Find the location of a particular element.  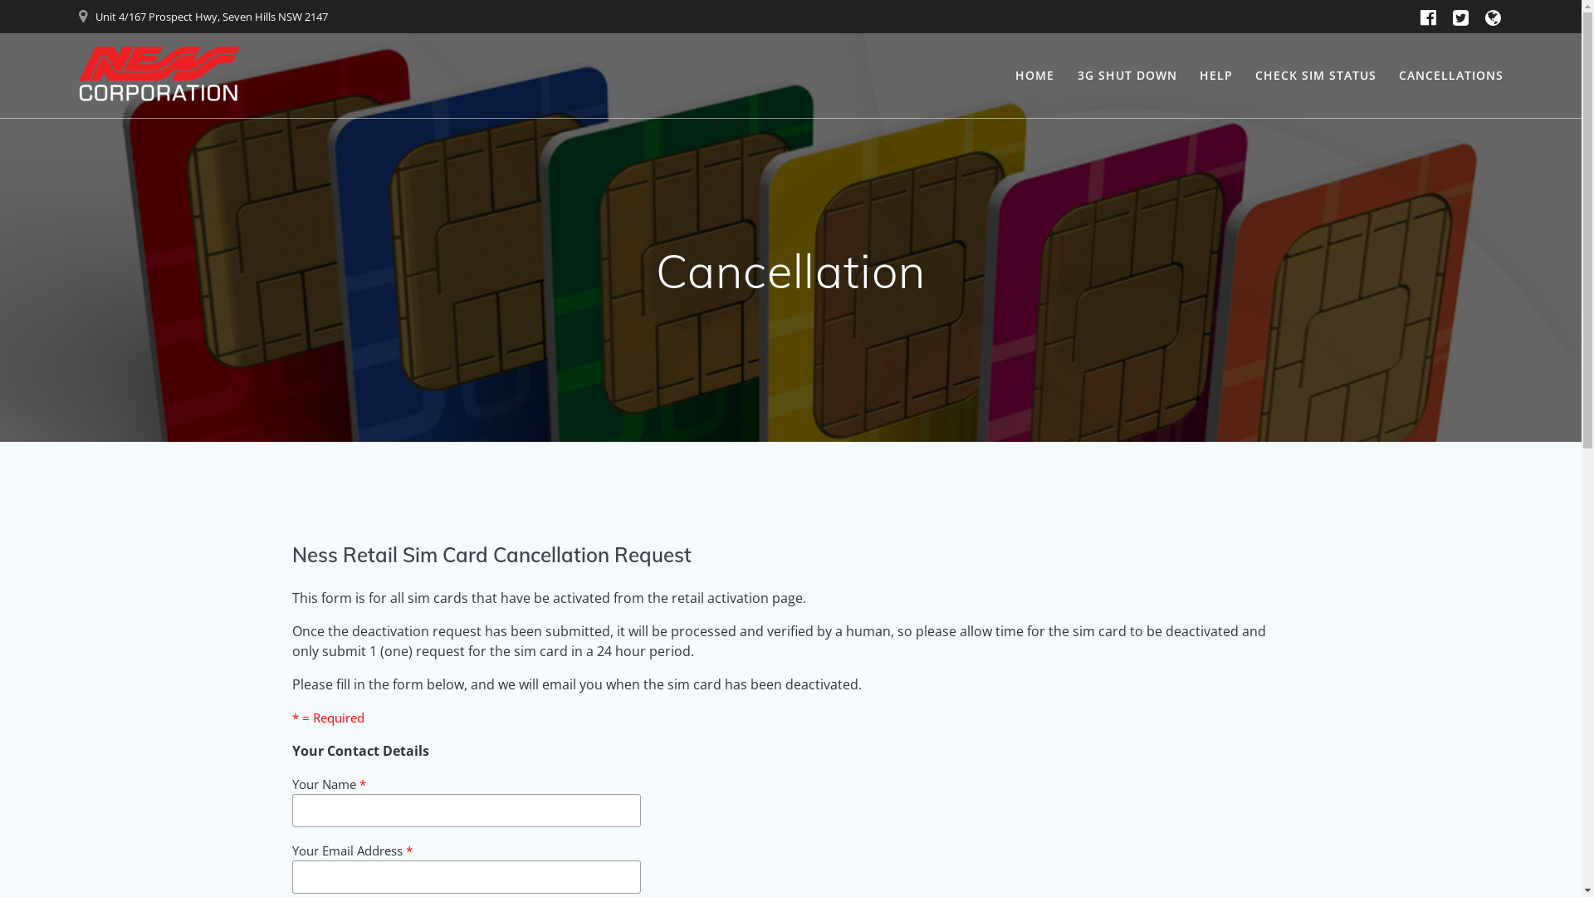

'CANCELLATIONS' is located at coordinates (1450, 76).